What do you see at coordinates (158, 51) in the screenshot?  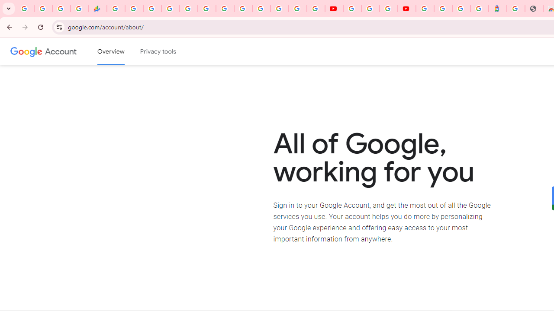 I see `'Privacy tools'` at bounding box center [158, 51].